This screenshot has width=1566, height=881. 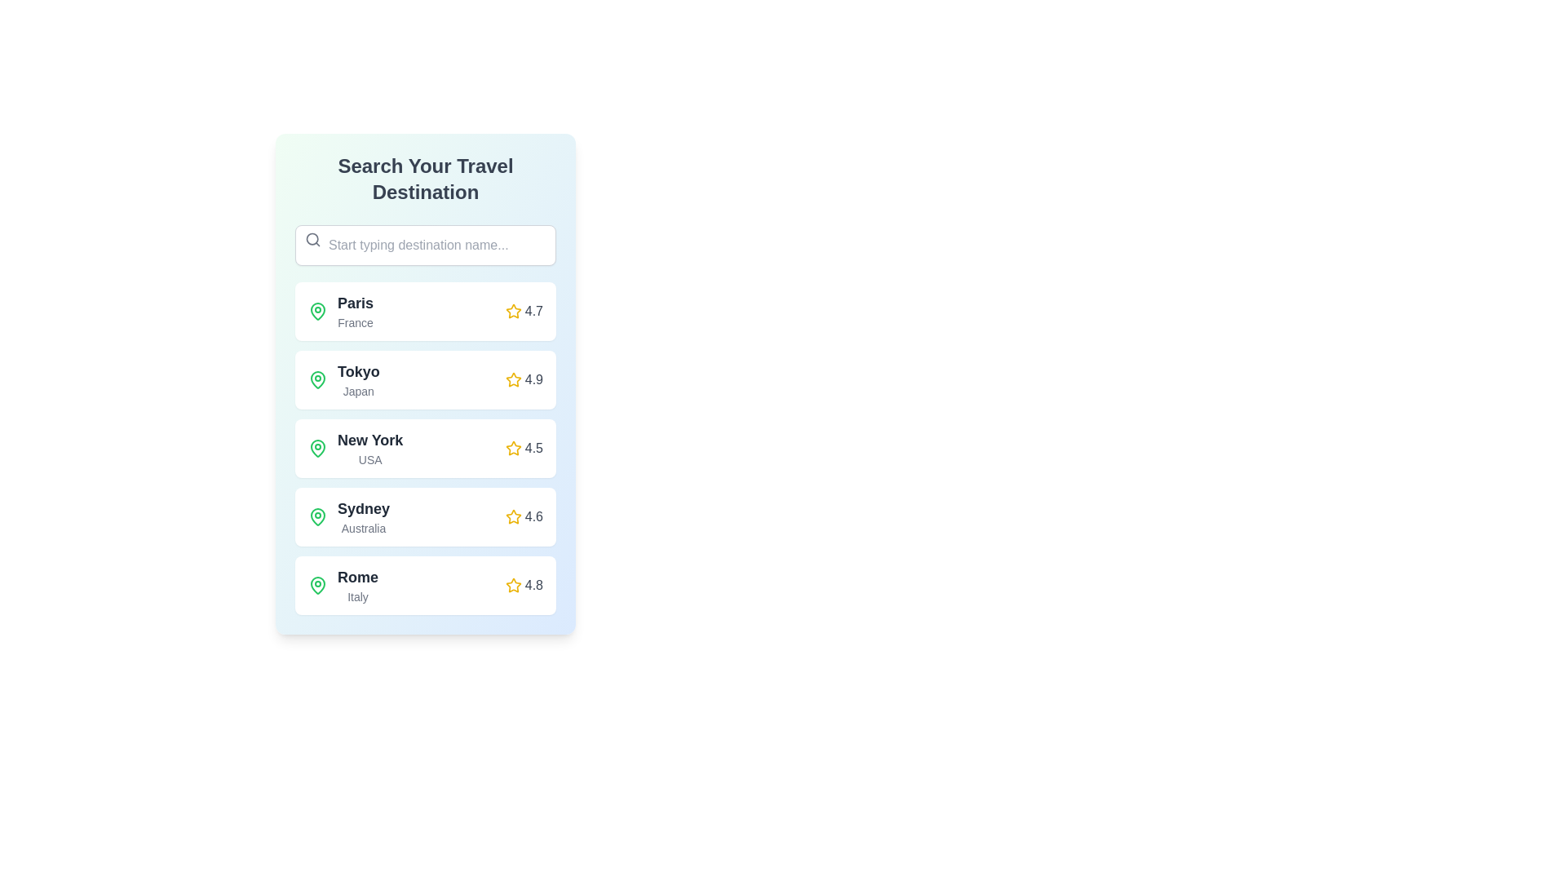 I want to click on the yellow star-shaped icon representing a rating of '4.5' for the 'New York' destination, so click(x=512, y=449).